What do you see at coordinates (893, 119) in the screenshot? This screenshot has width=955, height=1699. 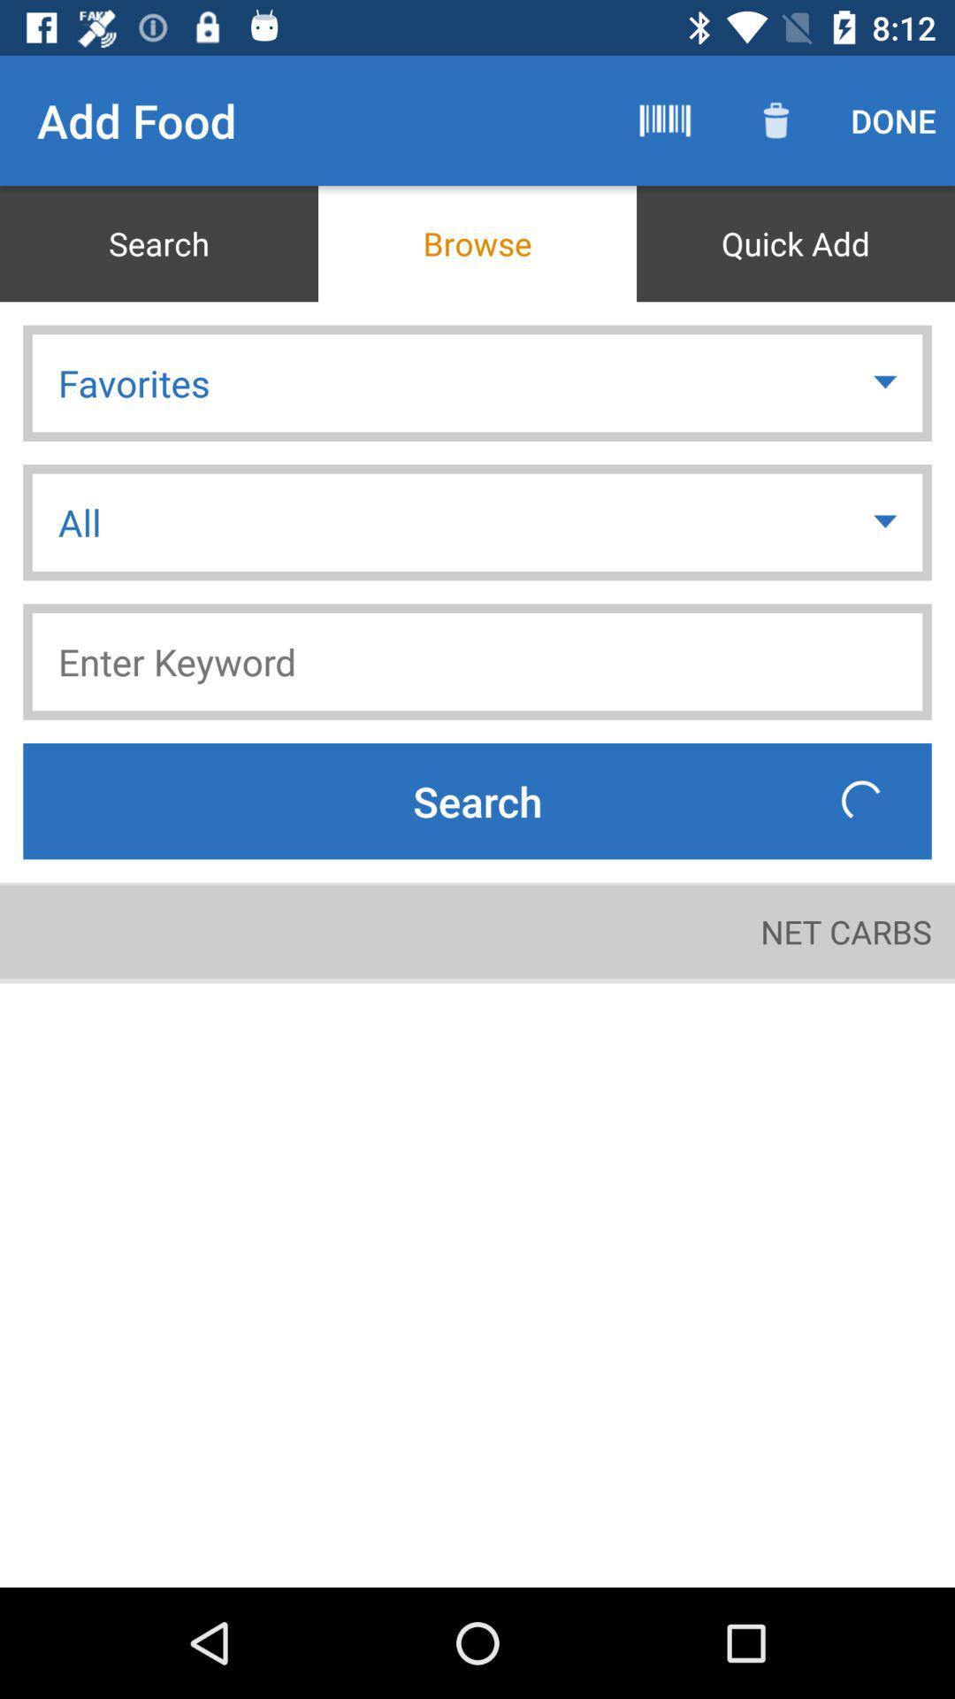 I see `the done icon` at bounding box center [893, 119].